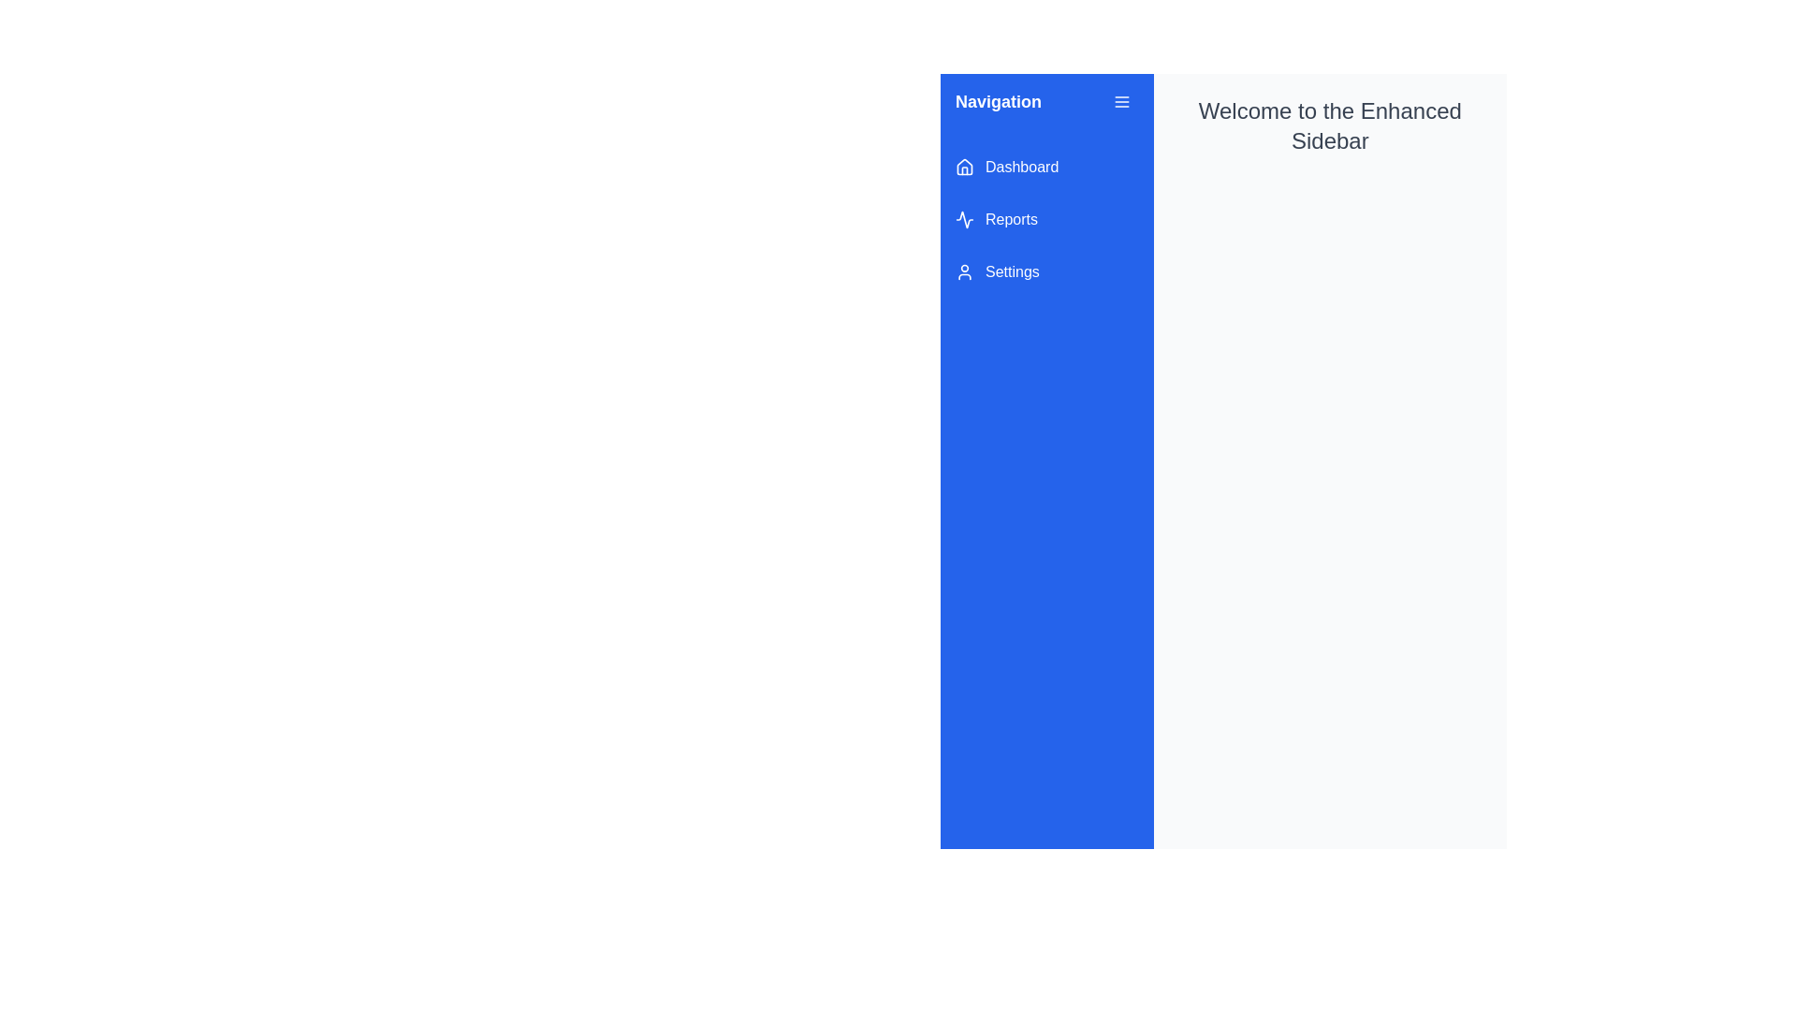 The width and height of the screenshot is (1797, 1011). What do you see at coordinates (1121, 101) in the screenshot?
I see `the small circular button with a menu icon located in the top-right corner of the blue-colored sidebar, next to the 'Navigation' label, to observe a background color change` at bounding box center [1121, 101].